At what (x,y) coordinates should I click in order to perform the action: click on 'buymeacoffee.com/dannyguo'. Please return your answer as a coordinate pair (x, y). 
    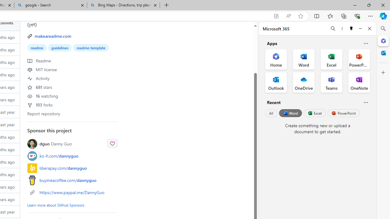
    Looking at the image, I should click on (73, 180).